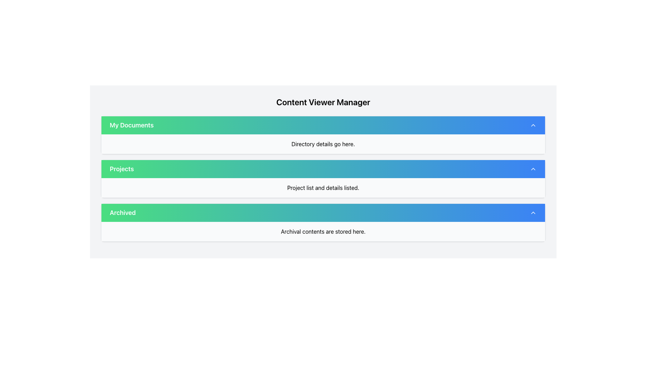 This screenshot has width=667, height=375. What do you see at coordinates (533, 212) in the screenshot?
I see `the icon located on the far-right side of the 'Archived' bar` at bounding box center [533, 212].